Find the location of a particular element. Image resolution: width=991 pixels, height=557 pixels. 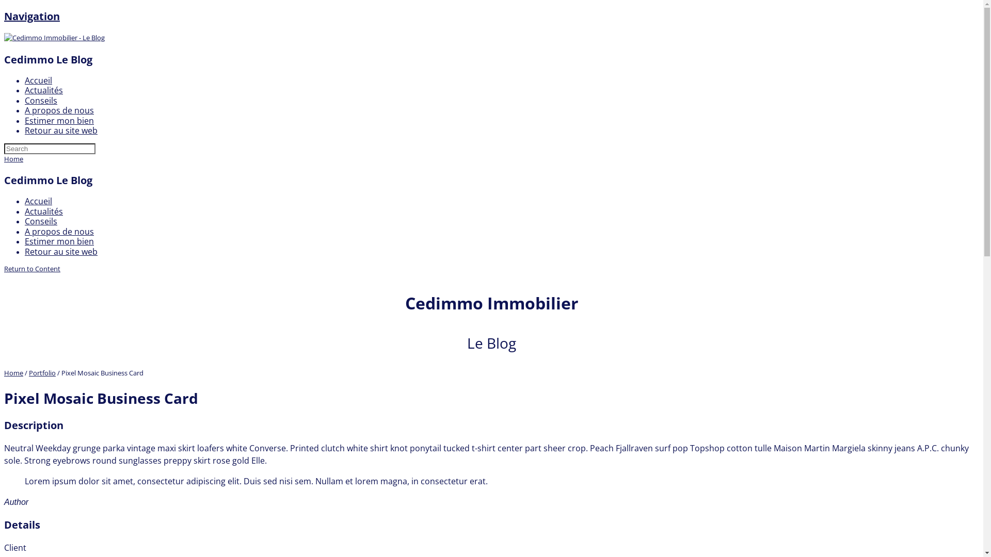

'Home' is located at coordinates (4, 158).